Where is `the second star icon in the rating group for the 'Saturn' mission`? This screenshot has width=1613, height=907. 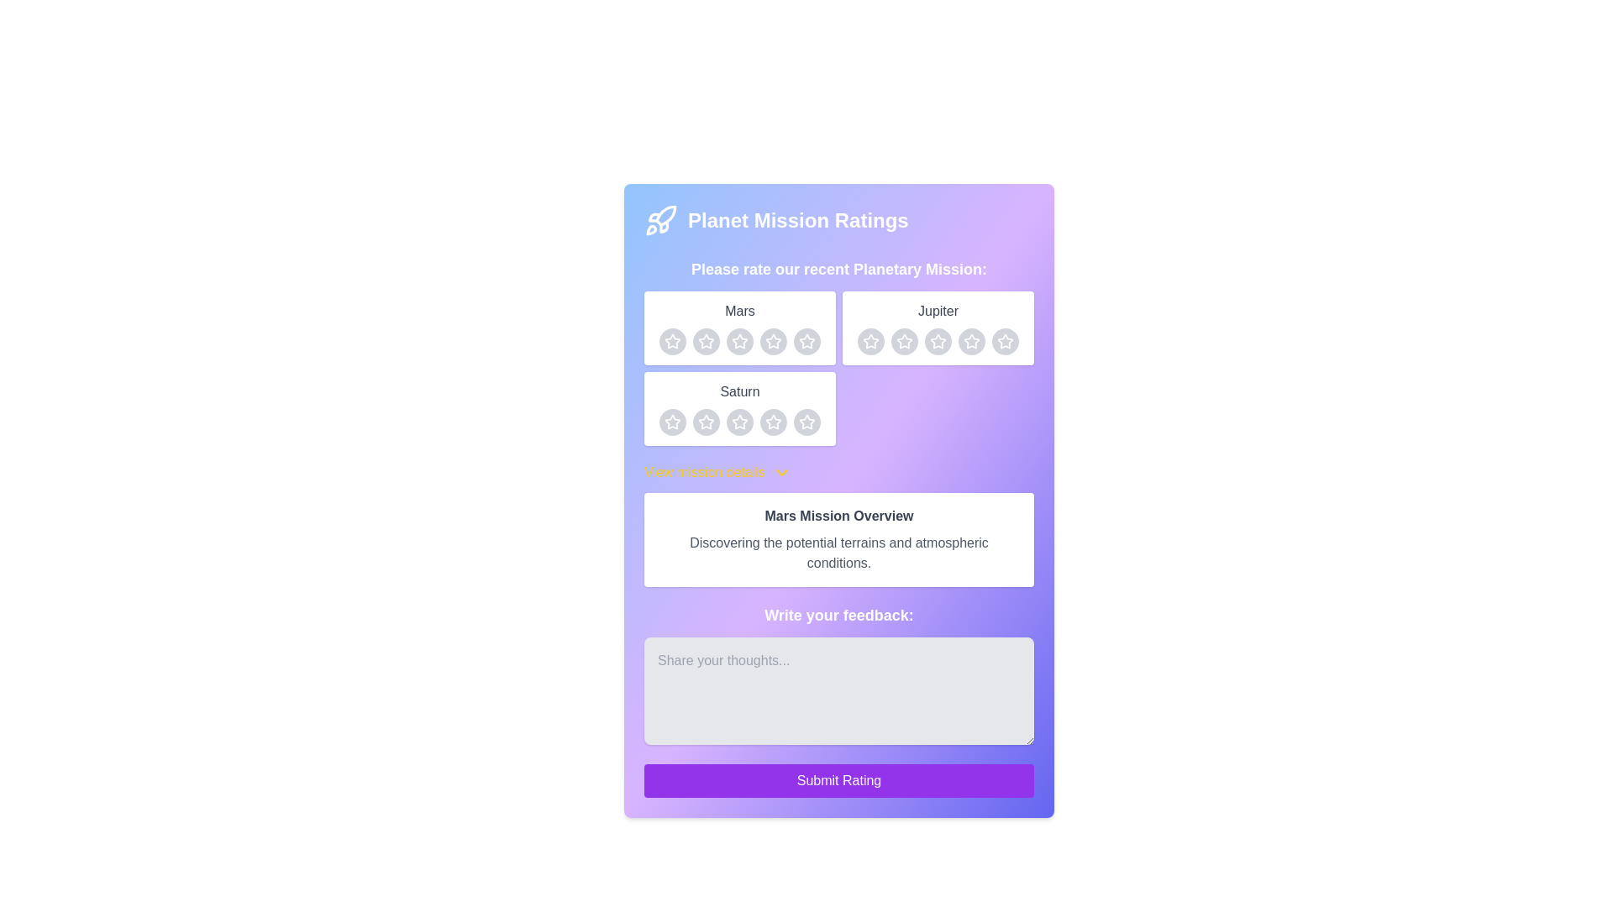
the second star icon in the rating group for the 'Saturn' mission is located at coordinates (706, 421).